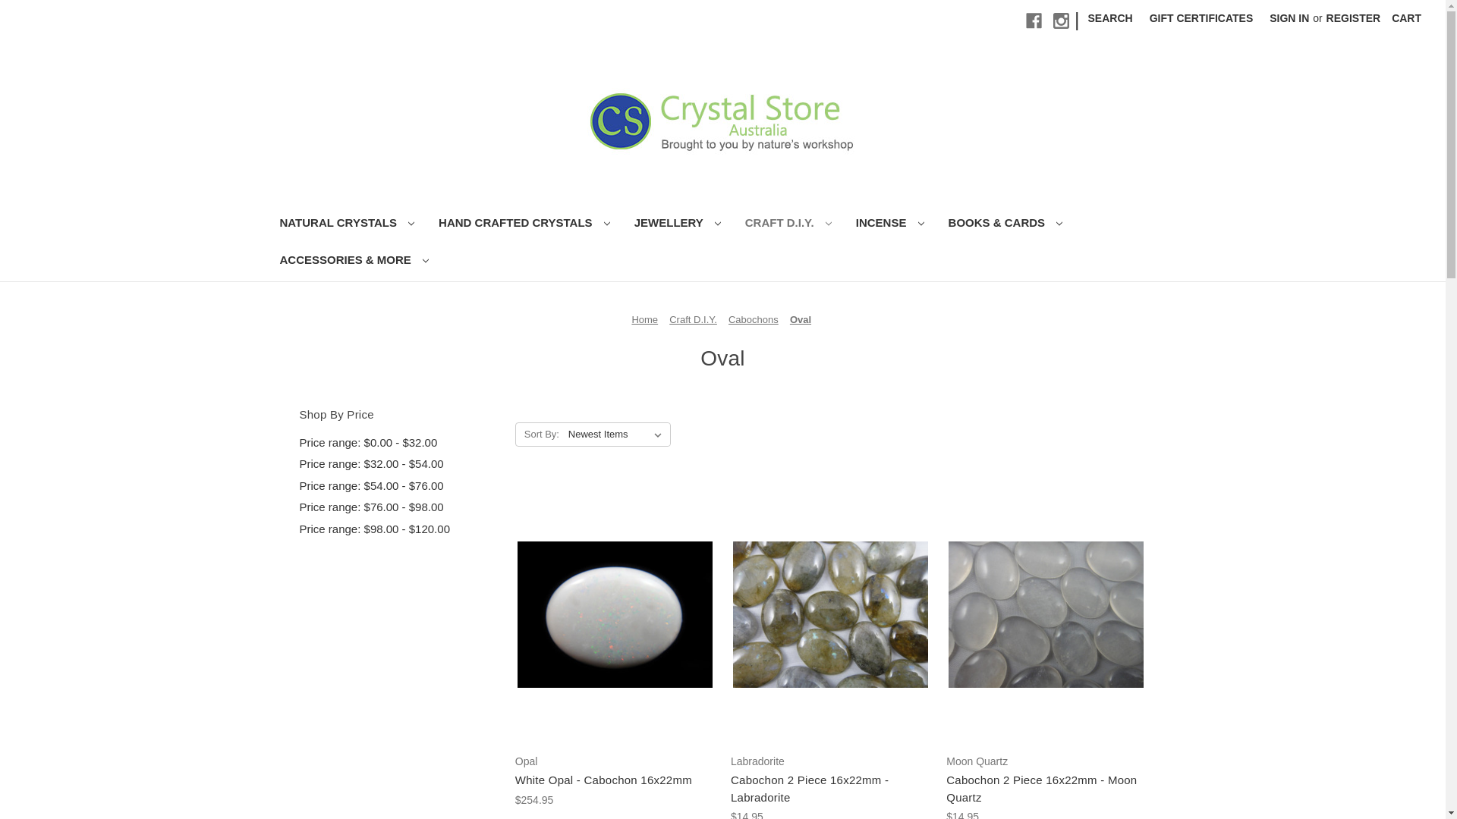 Image resolution: width=1457 pixels, height=819 pixels. Describe the element at coordinates (398, 443) in the screenshot. I see `'Price range: $0.00 - $32.00'` at that location.